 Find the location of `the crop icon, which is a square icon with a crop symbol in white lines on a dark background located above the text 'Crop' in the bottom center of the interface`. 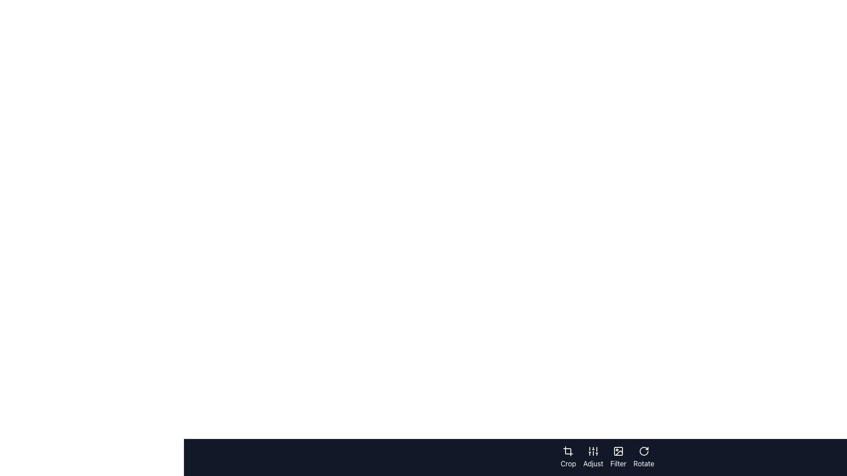

the crop icon, which is a square icon with a crop symbol in white lines on a dark background located above the text 'Crop' in the bottom center of the interface is located at coordinates (568, 451).